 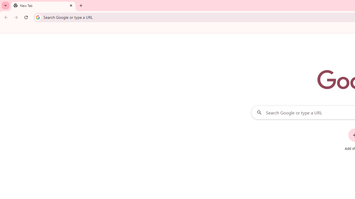 I want to click on 'New Tab', so click(x=43, y=6).